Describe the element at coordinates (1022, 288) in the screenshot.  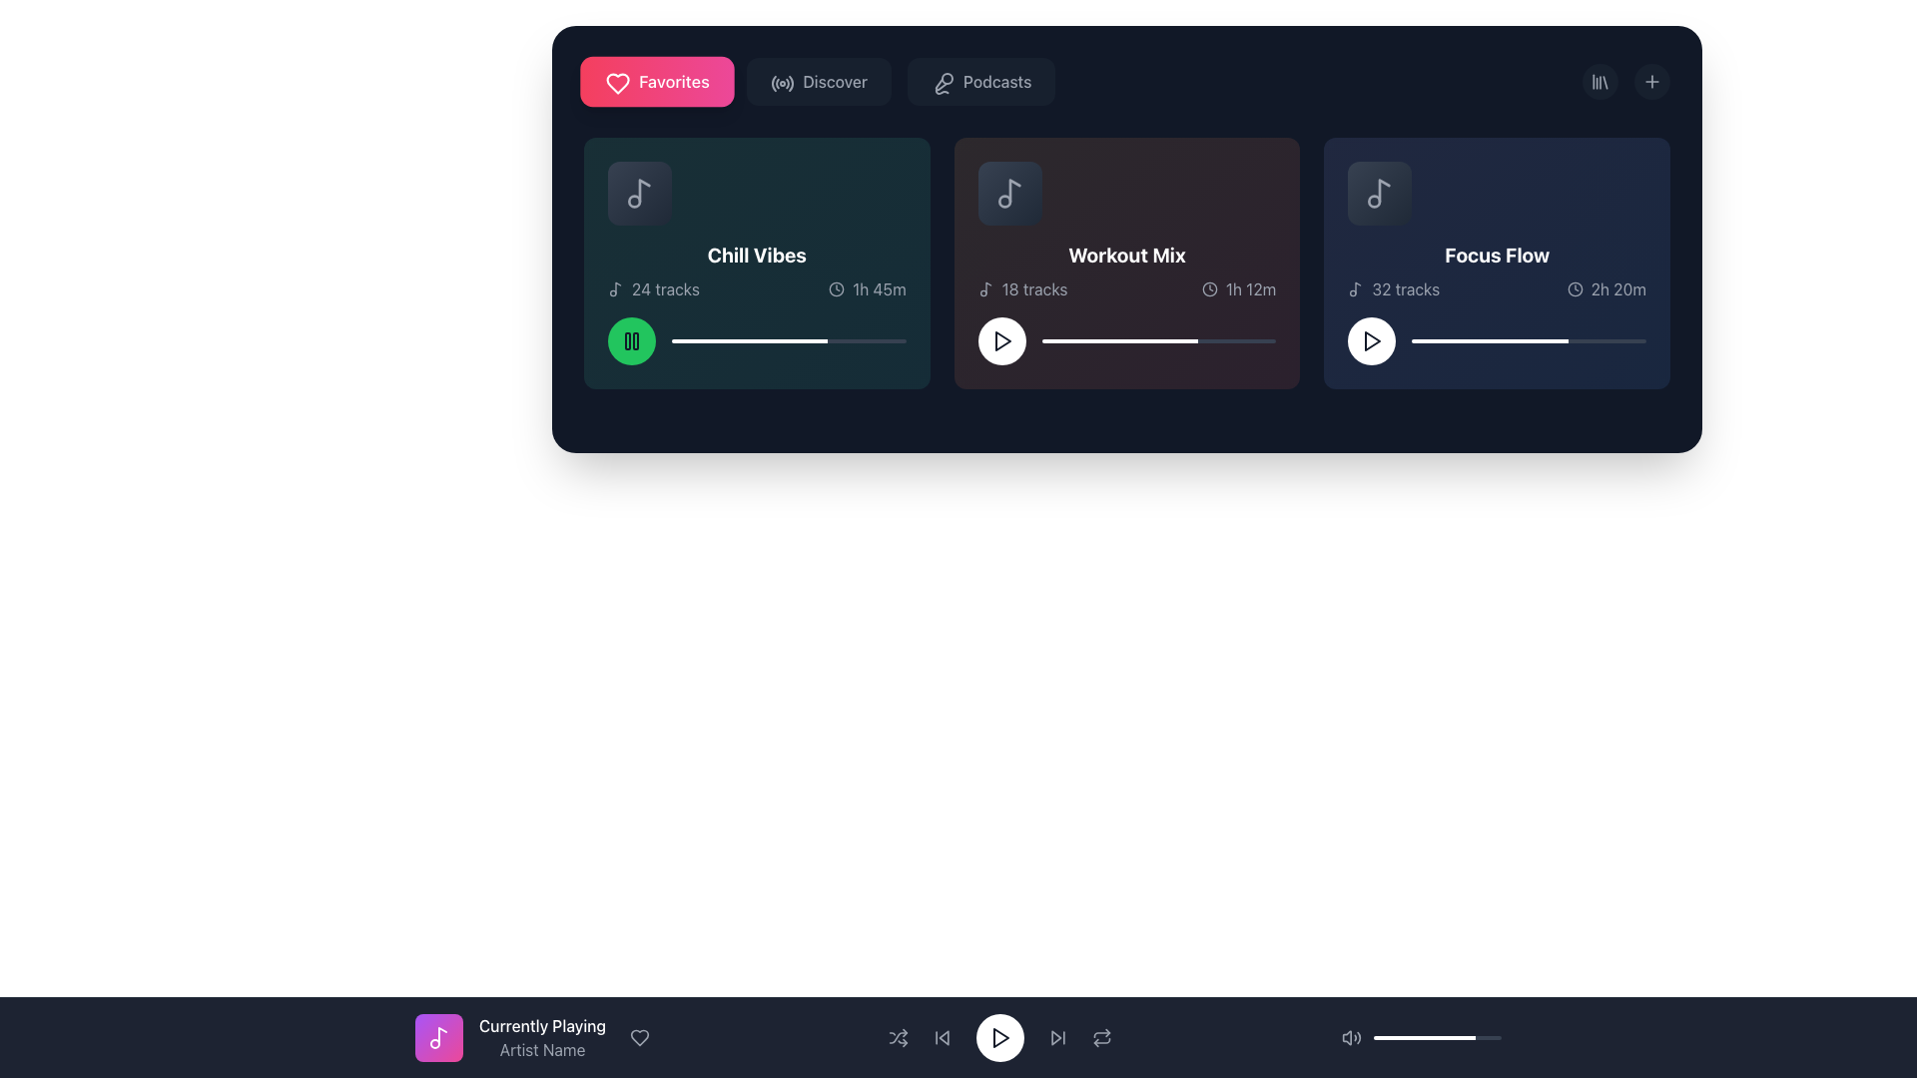
I see `the Text Label with Icon displaying '18 tracks', which includes a music note icon on the left, located in the 'Workout Mix' section below the title 'Workout Mix' and above the duration '1h 12m'` at that location.